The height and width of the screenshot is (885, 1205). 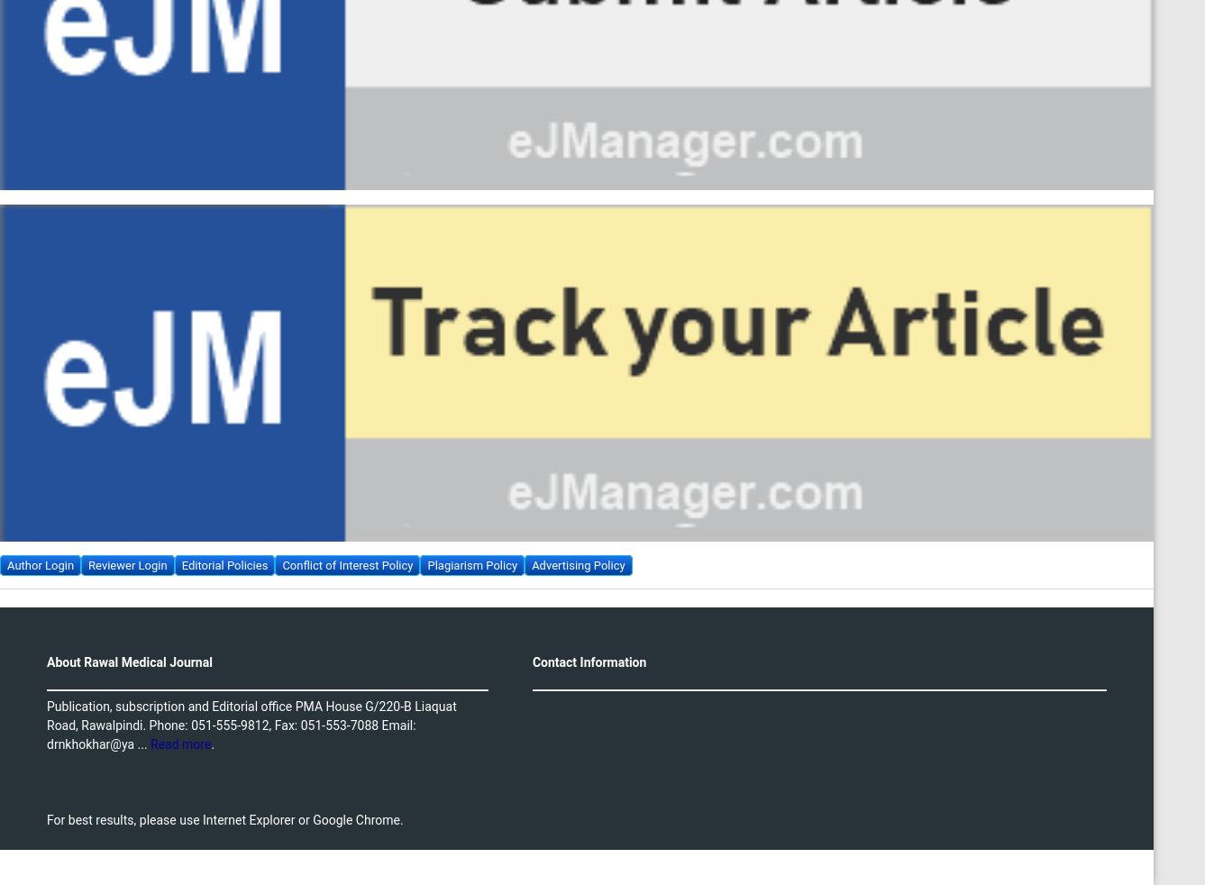 What do you see at coordinates (347, 563) in the screenshot?
I see `'Conflict of Interest Policy'` at bounding box center [347, 563].